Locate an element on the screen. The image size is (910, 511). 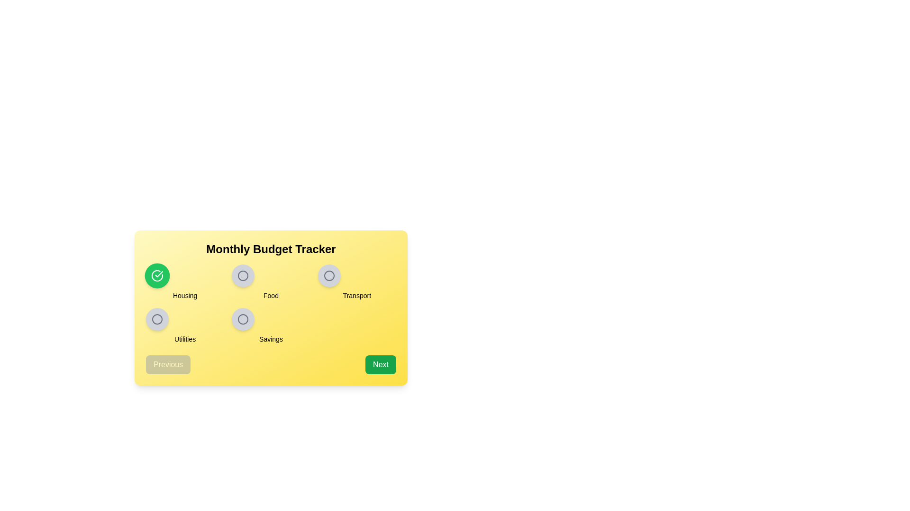
the text label displaying 'Food' which is centered below a circular UI component with an icon, part of a categorized menu interface is located at coordinates (270, 295).